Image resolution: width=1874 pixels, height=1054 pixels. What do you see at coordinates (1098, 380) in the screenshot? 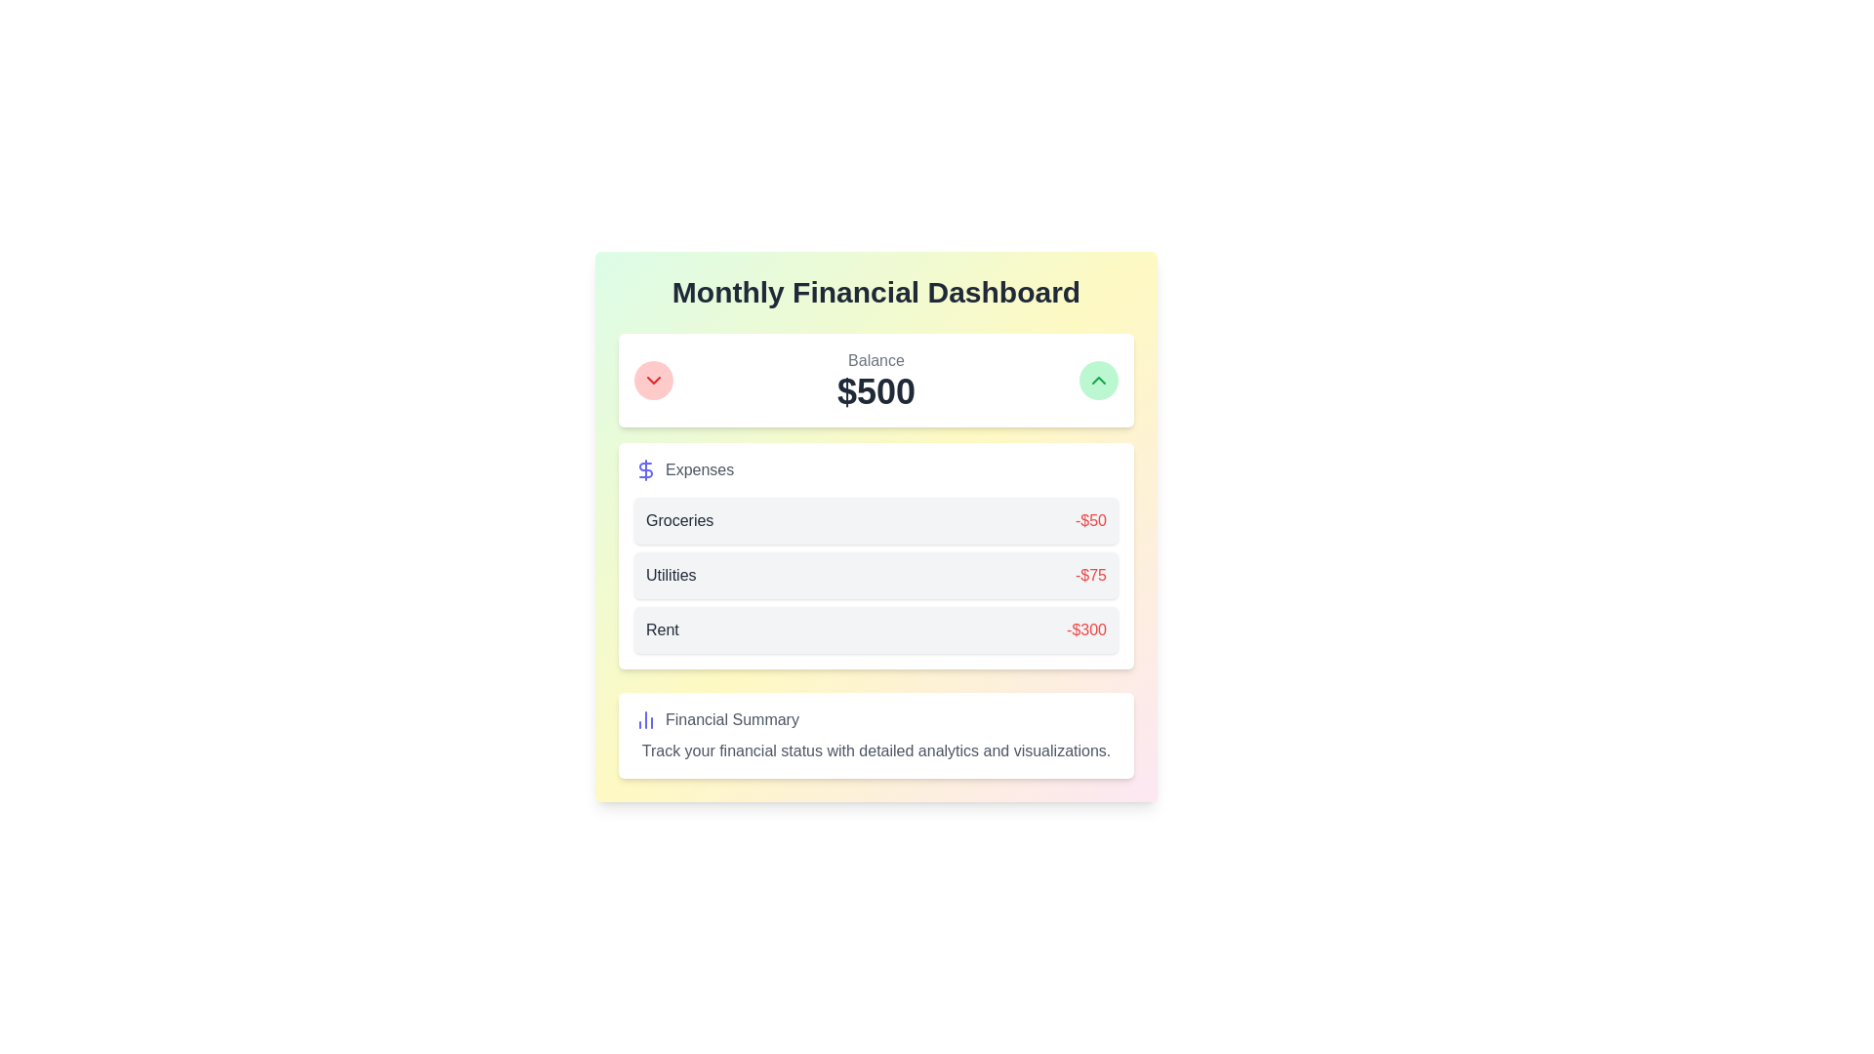
I see `the upward-pointing green chevron icon located within the green circular button at the top-right corner of the interface` at bounding box center [1098, 380].